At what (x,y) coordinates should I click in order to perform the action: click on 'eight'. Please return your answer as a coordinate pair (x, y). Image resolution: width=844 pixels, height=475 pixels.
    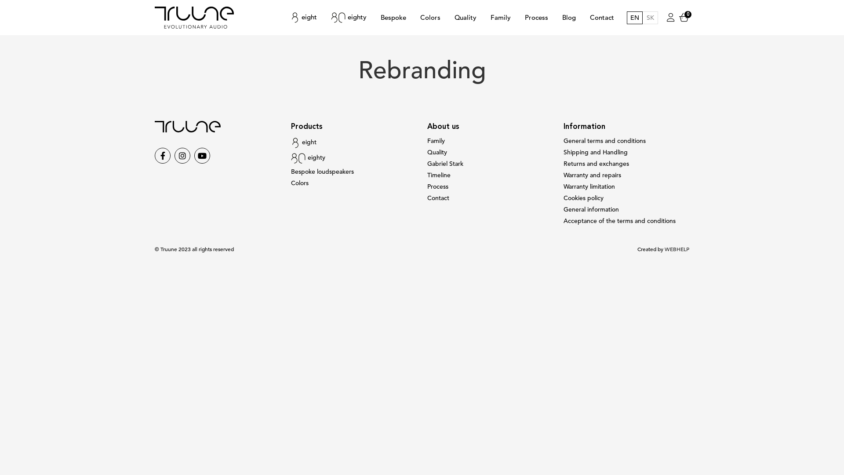
    Looking at the image, I should click on (304, 17).